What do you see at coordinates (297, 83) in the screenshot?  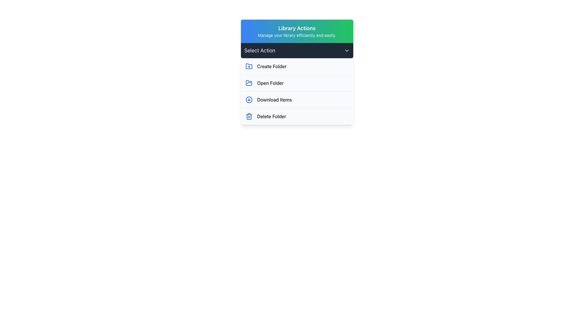 I see `the second item in the vertically stacked menu list, which is an Interactive menu option that opens a folder, located below the 'Create Folder' item and above the 'Download Items' option` at bounding box center [297, 83].